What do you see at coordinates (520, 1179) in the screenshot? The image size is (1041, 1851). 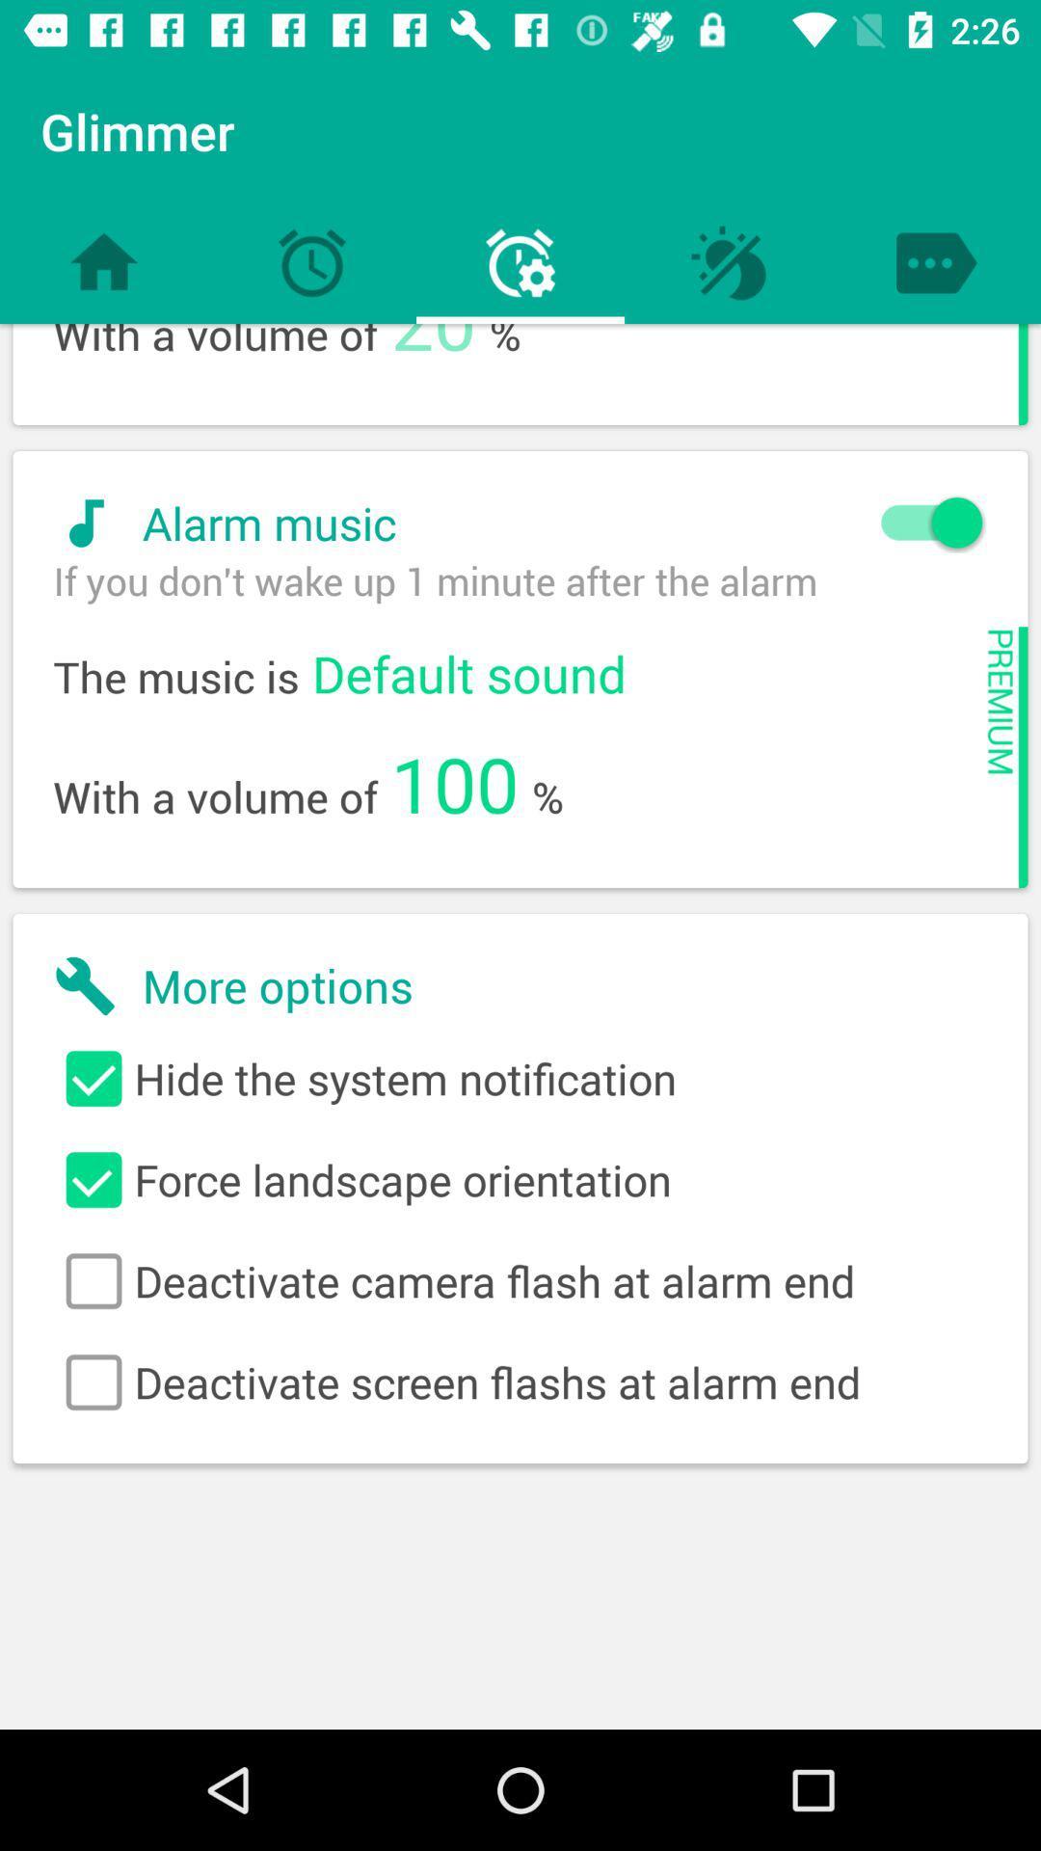 I see `the item below hide the system` at bounding box center [520, 1179].